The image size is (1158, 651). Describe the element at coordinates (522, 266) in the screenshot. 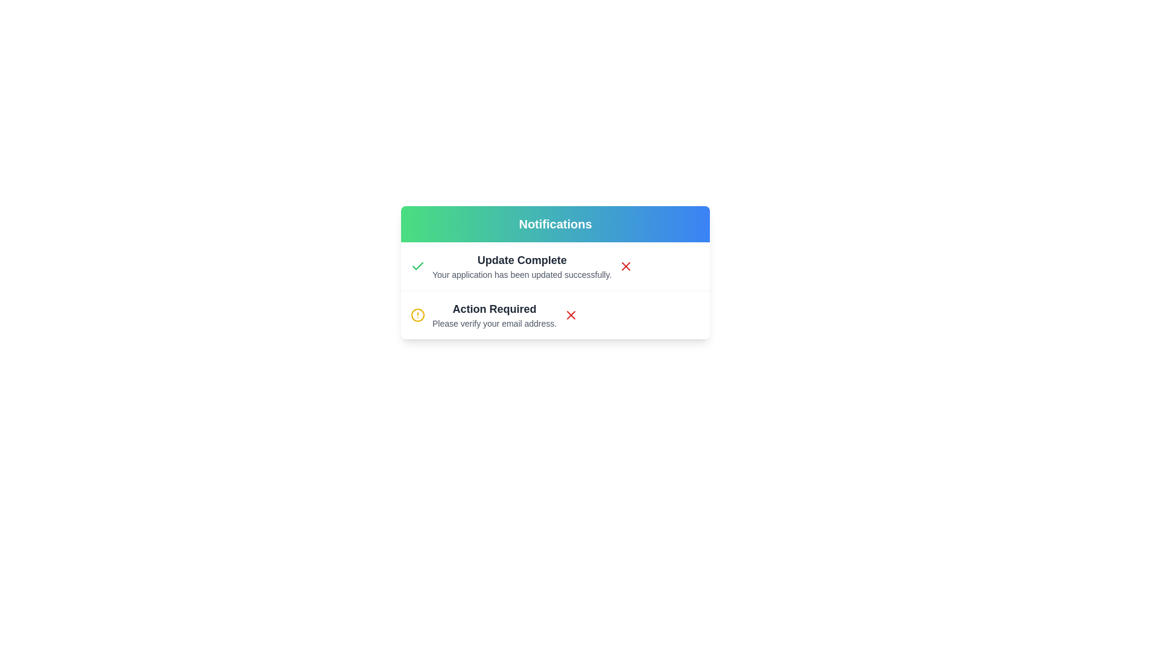

I see `the success message text block that indicates the successful application update, located under the 'Notifications' heading in the central region of the dialog box` at that location.